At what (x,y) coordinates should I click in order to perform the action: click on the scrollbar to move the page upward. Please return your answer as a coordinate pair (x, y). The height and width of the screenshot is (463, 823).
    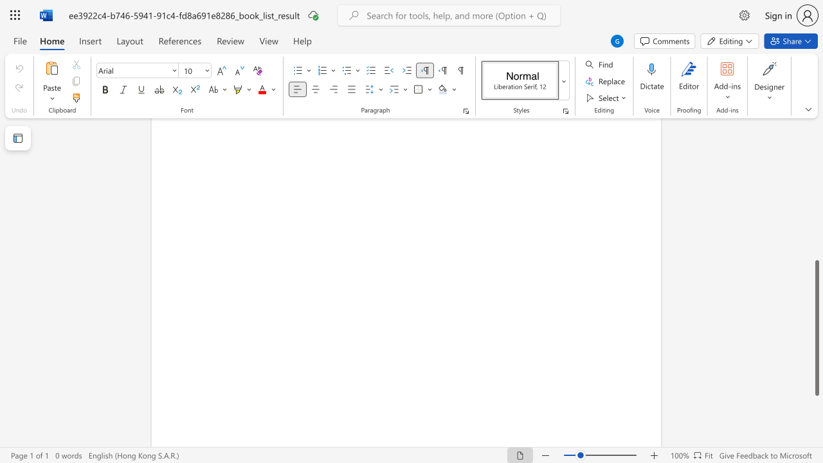
    Looking at the image, I should click on (816, 153).